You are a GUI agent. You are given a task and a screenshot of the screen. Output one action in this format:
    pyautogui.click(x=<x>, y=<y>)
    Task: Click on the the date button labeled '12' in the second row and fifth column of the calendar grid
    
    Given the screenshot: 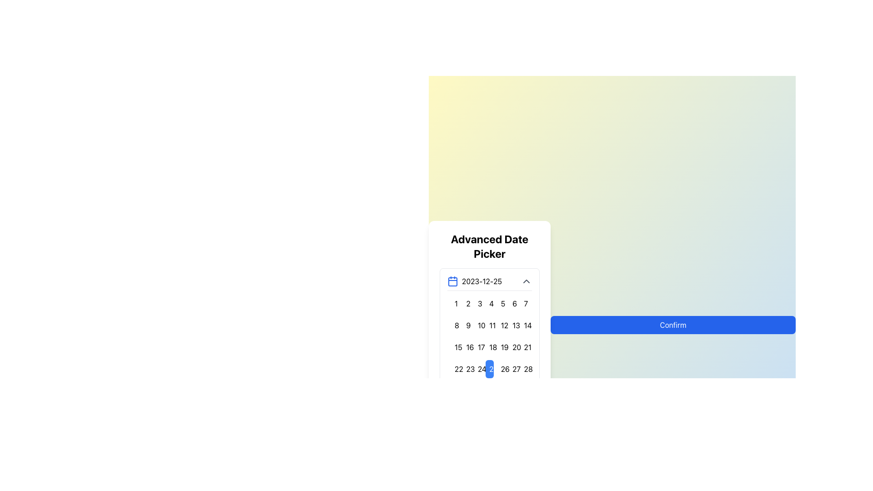 What is the action you would take?
    pyautogui.click(x=501, y=325)
    